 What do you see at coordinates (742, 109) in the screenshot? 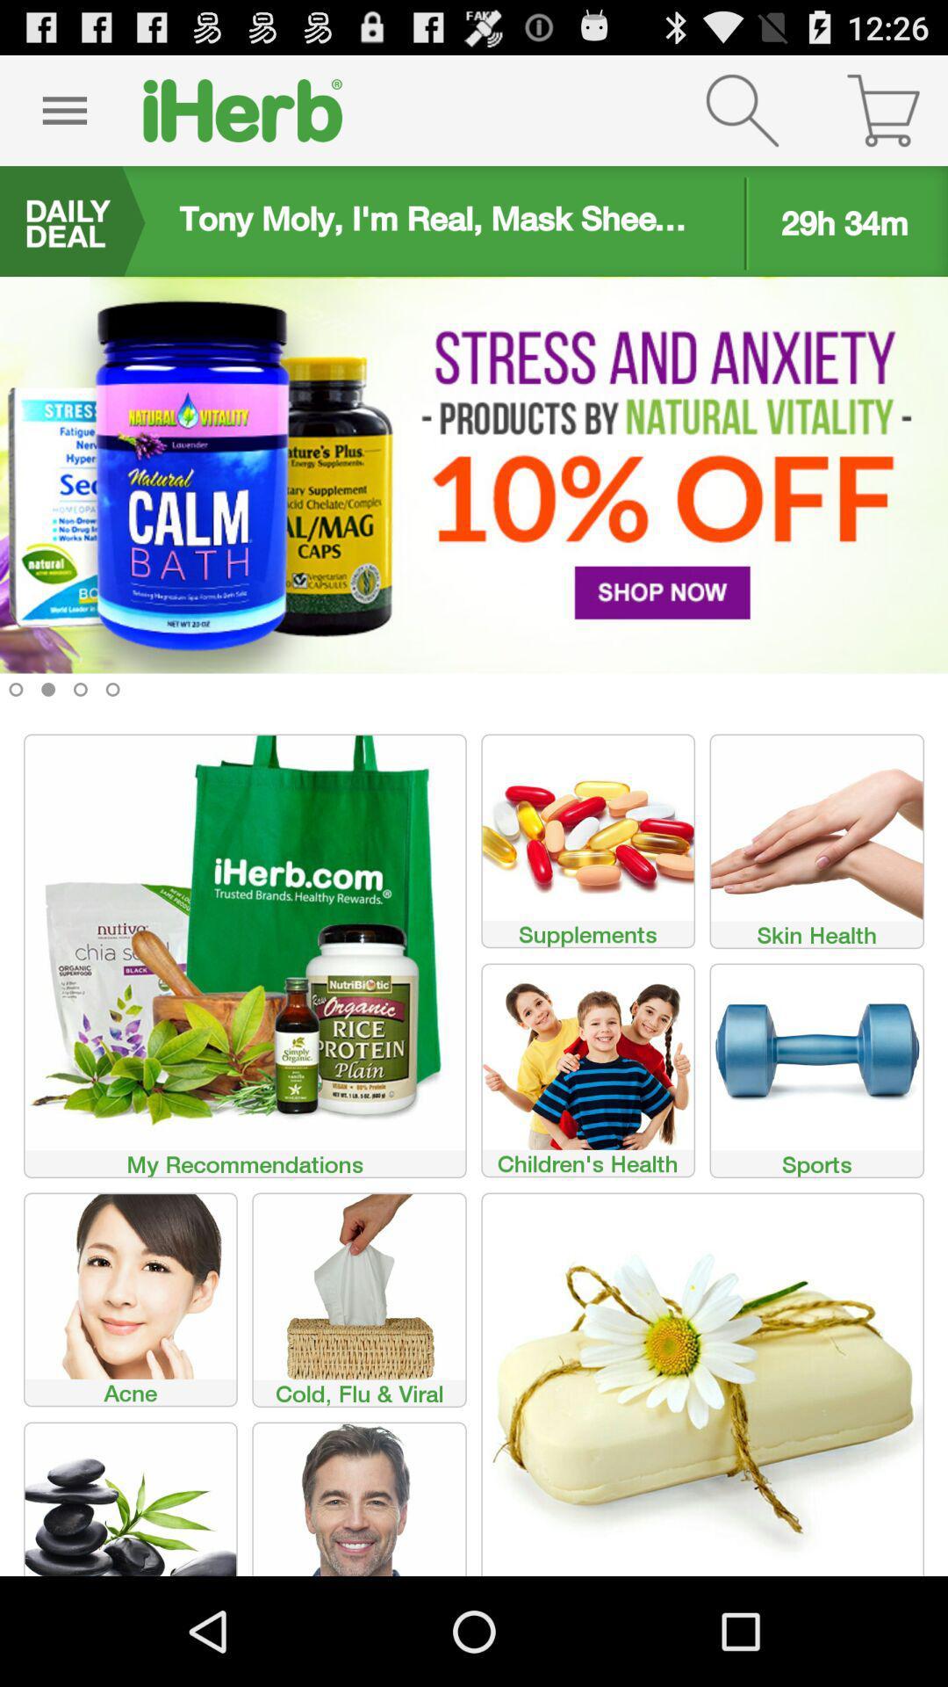
I see `search box` at bounding box center [742, 109].